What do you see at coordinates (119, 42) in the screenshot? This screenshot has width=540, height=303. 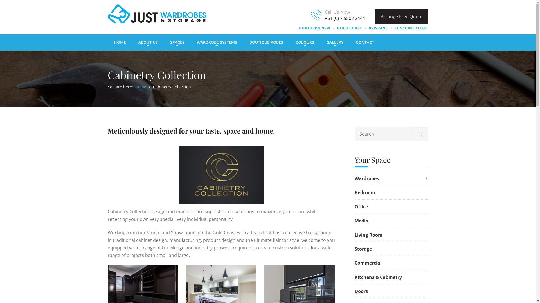 I see `'HOME'` at bounding box center [119, 42].